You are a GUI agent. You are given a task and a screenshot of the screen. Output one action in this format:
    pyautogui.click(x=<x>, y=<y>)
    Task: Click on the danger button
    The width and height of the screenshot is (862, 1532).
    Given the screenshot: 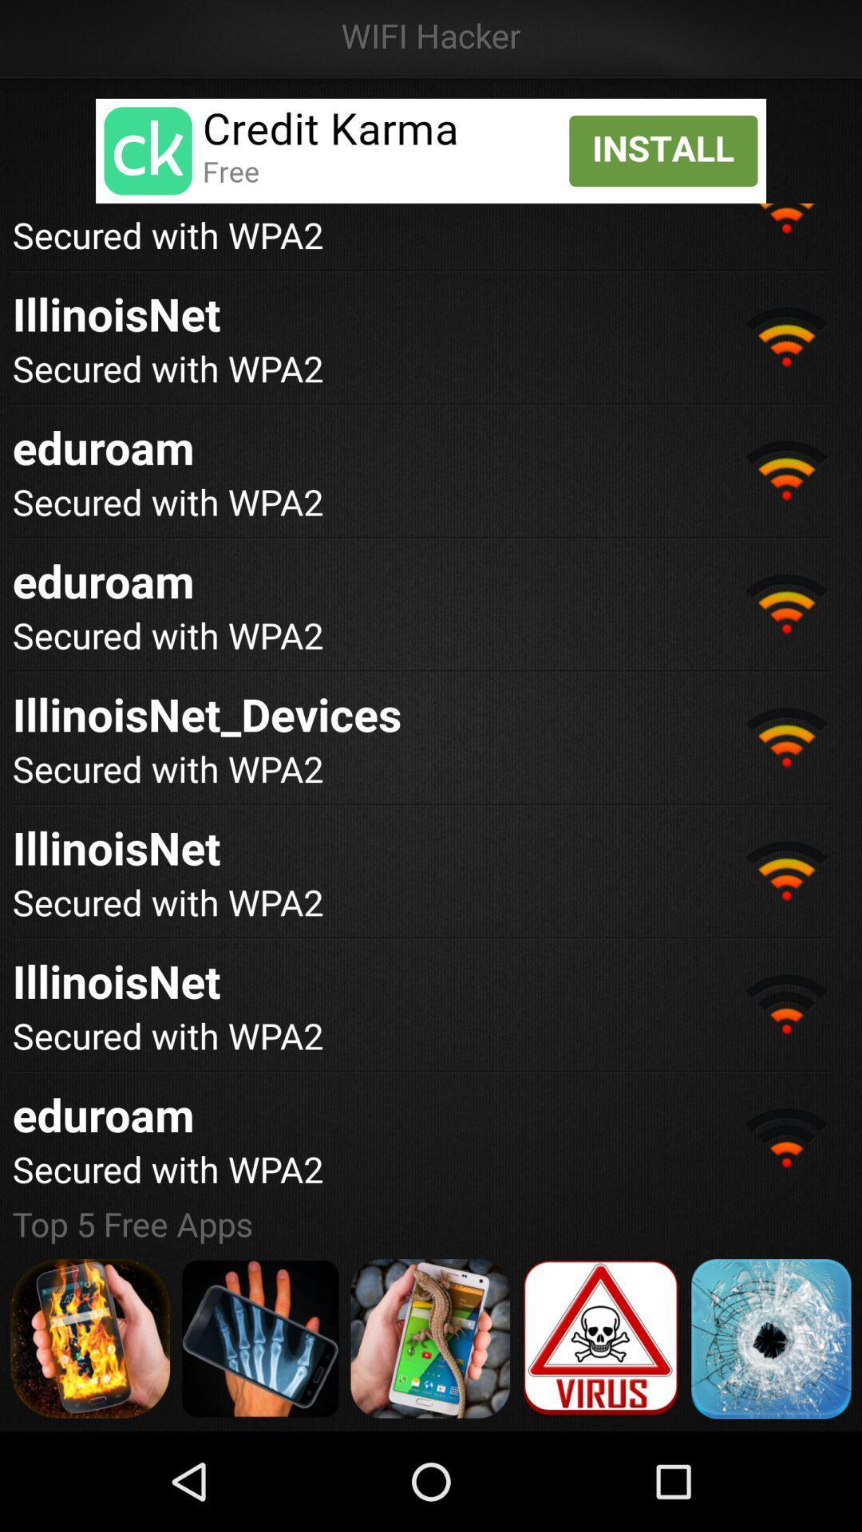 What is the action you would take?
    pyautogui.click(x=600, y=1339)
    